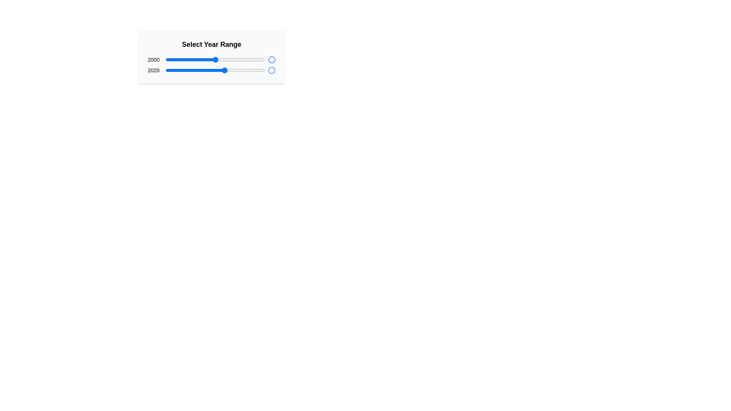 The image size is (731, 411). What do you see at coordinates (169, 70) in the screenshot?
I see `the year slider` at bounding box center [169, 70].